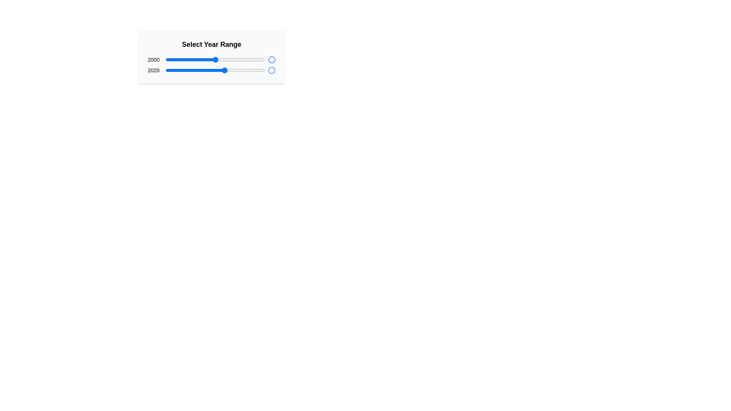 The image size is (731, 411). What do you see at coordinates (169, 70) in the screenshot?
I see `the year slider` at bounding box center [169, 70].